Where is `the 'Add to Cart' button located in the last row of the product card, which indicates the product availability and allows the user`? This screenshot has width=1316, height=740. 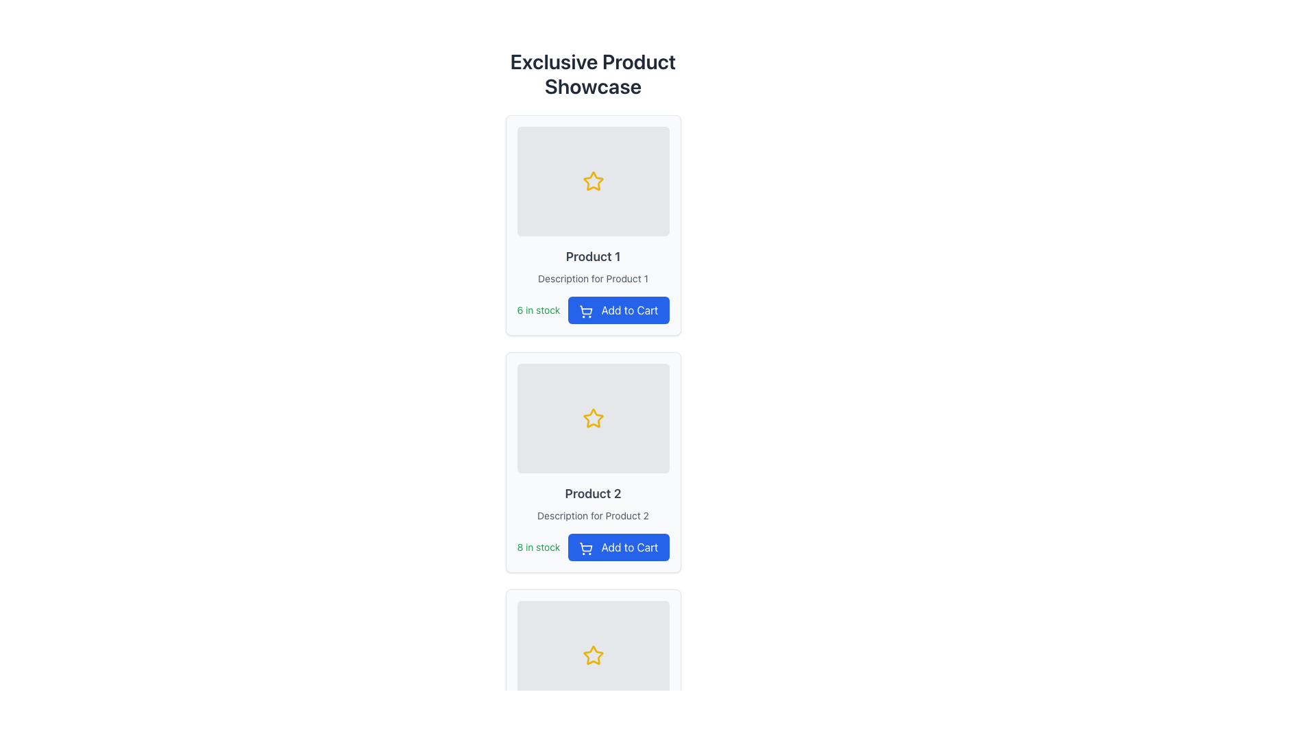 the 'Add to Cart' button located in the last row of the product card, which indicates the product availability and allows the user is located at coordinates (593, 310).